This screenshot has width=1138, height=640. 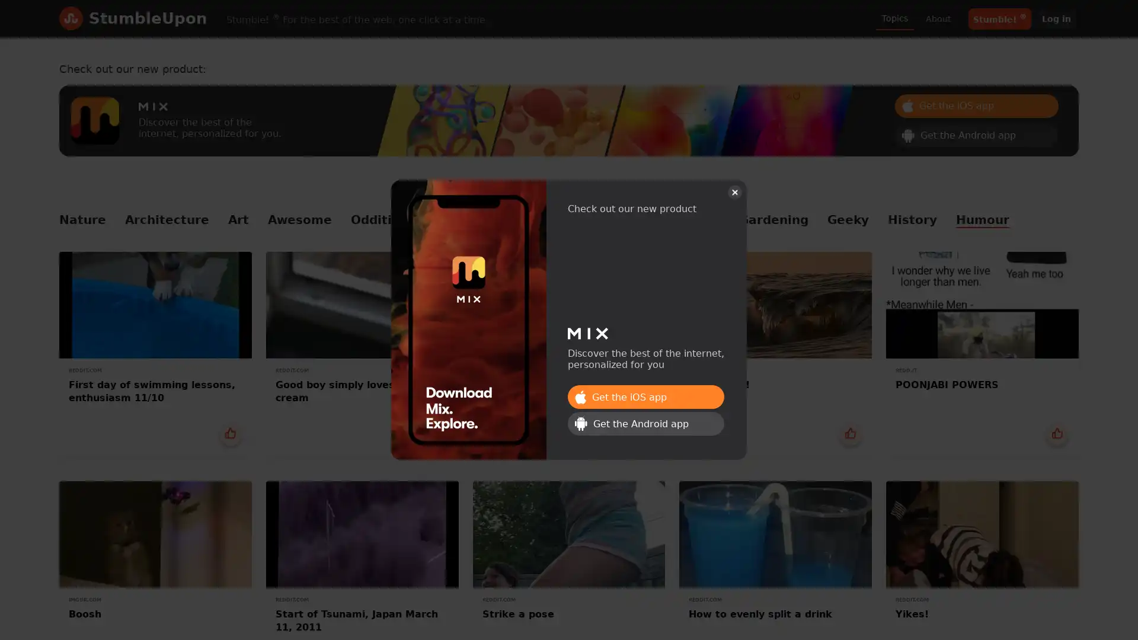 What do you see at coordinates (645, 423) in the screenshot?
I see `Header Image 1 Get the Android app` at bounding box center [645, 423].